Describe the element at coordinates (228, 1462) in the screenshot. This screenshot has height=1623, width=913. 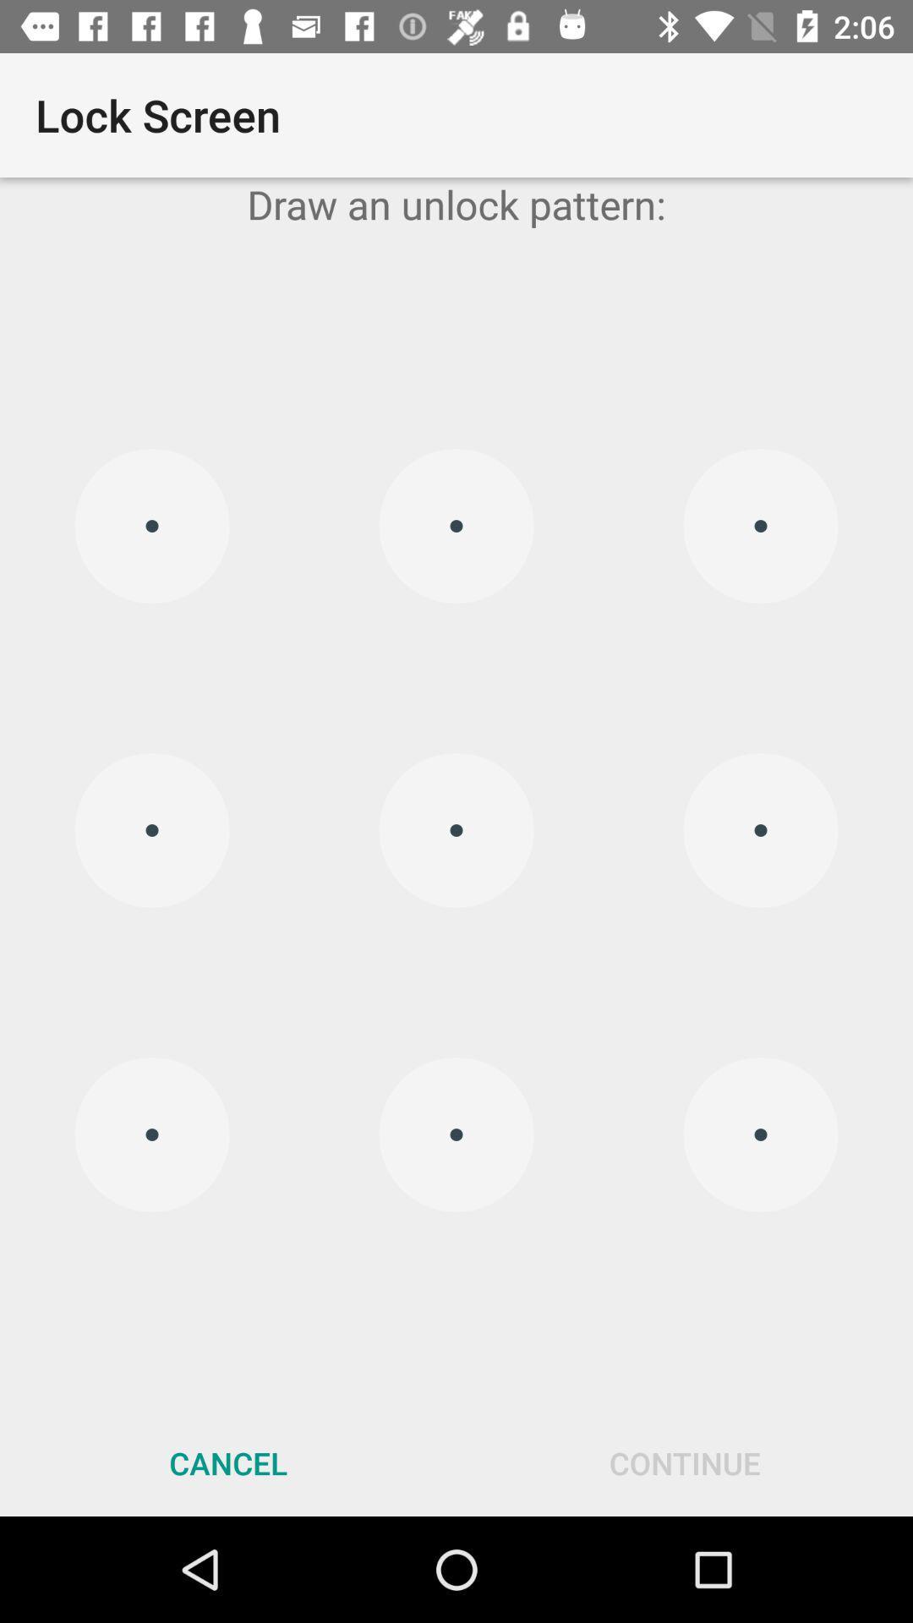
I see `icon to the left of the continue item` at that location.